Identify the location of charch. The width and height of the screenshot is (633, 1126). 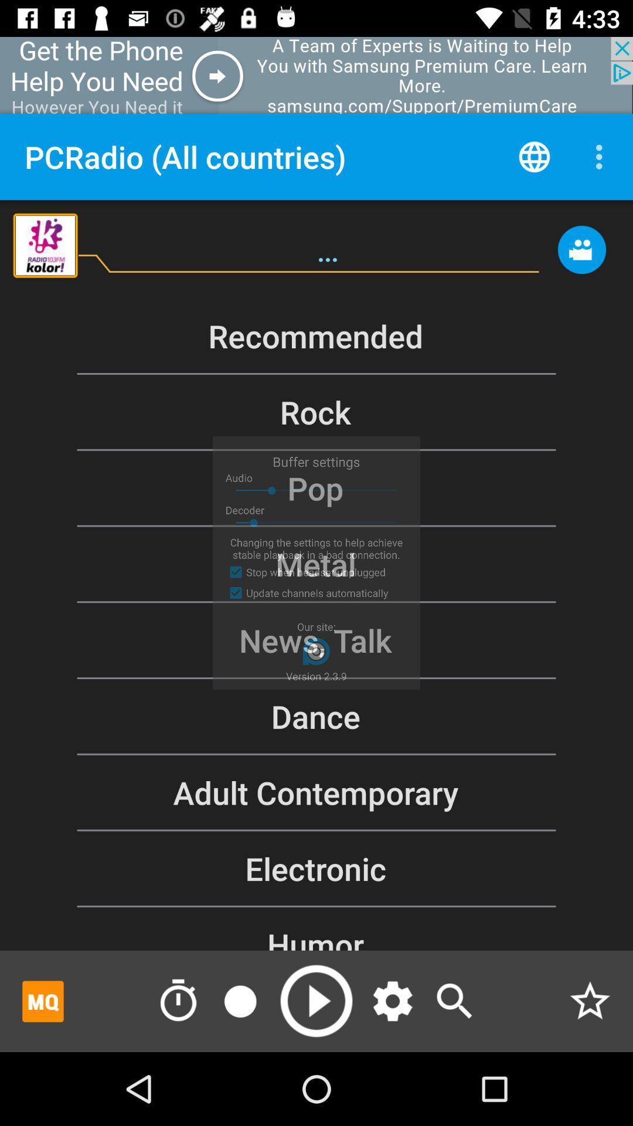
(454, 1000).